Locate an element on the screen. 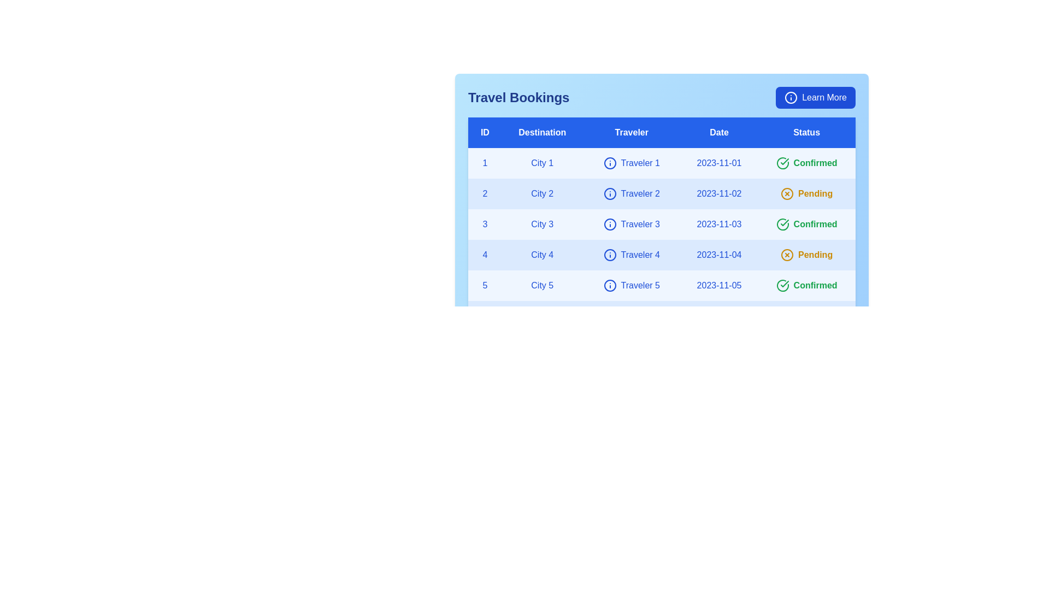 The image size is (1049, 590). the 'Info' icon next to the traveler's name for traveler 2 is located at coordinates (609, 193).